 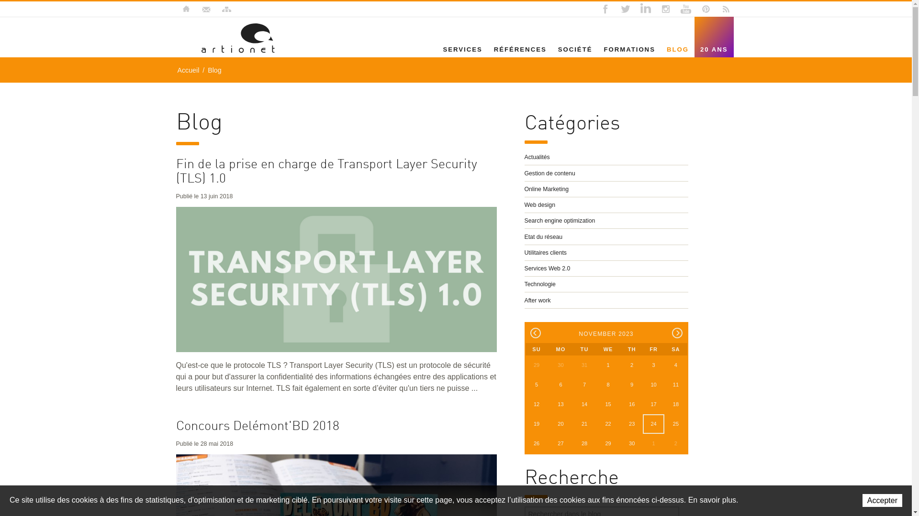 What do you see at coordinates (717, 9) in the screenshot?
I see `'RSS'` at bounding box center [717, 9].